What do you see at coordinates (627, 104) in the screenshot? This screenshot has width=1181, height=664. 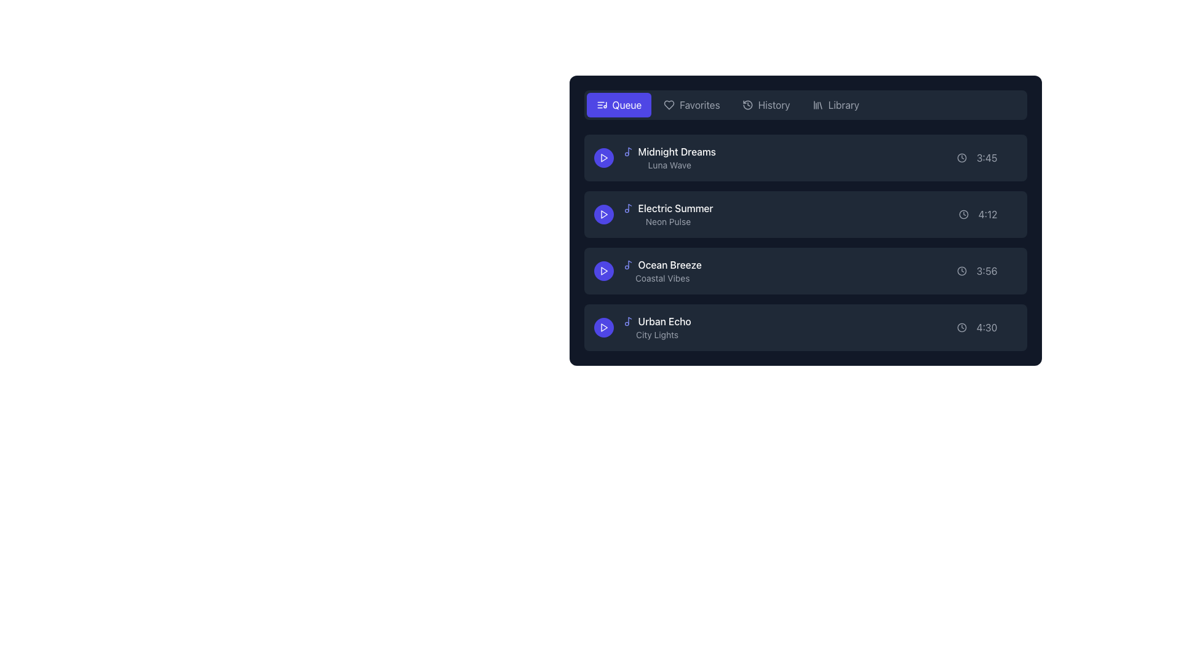 I see `the 'Queue' text label located in the first navigation option of the horizontal navigation bar` at bounding box center [627, 104].